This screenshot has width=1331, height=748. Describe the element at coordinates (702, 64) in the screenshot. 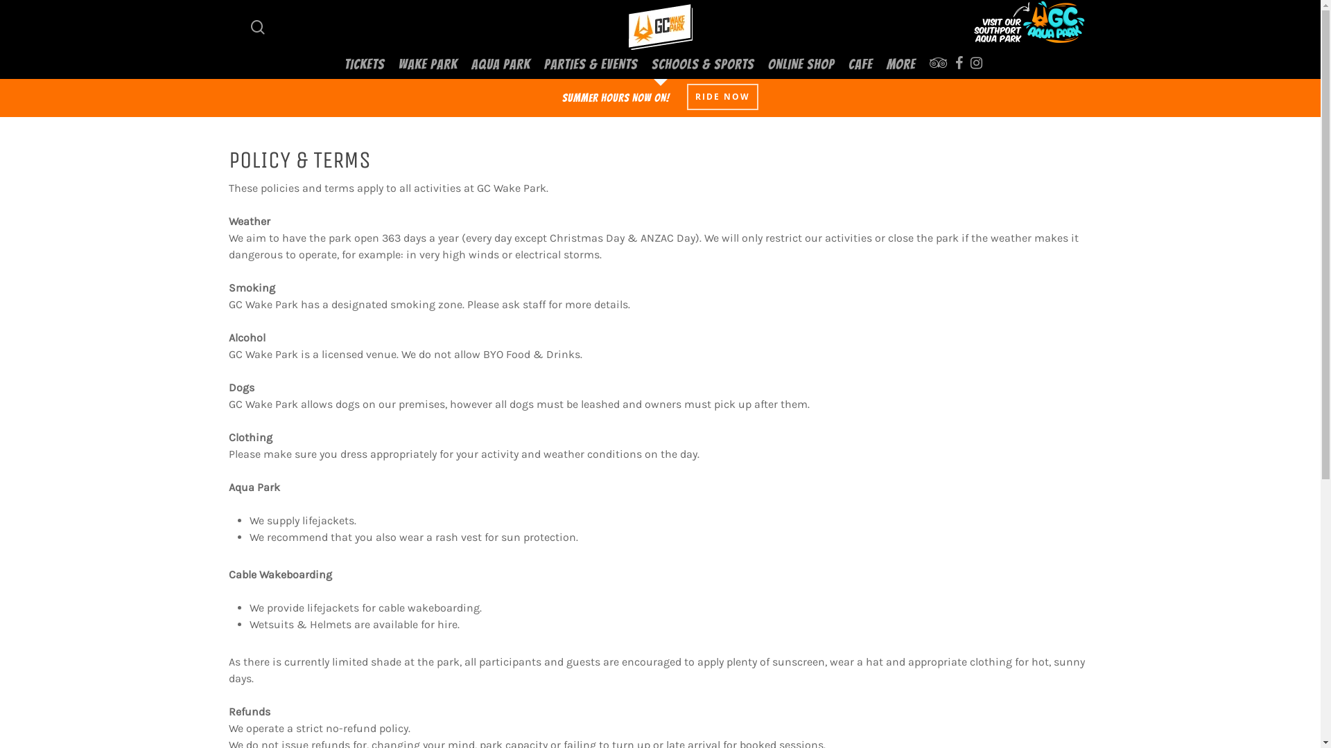

I see `'SCHOOLS & SPORTS'` at that location.